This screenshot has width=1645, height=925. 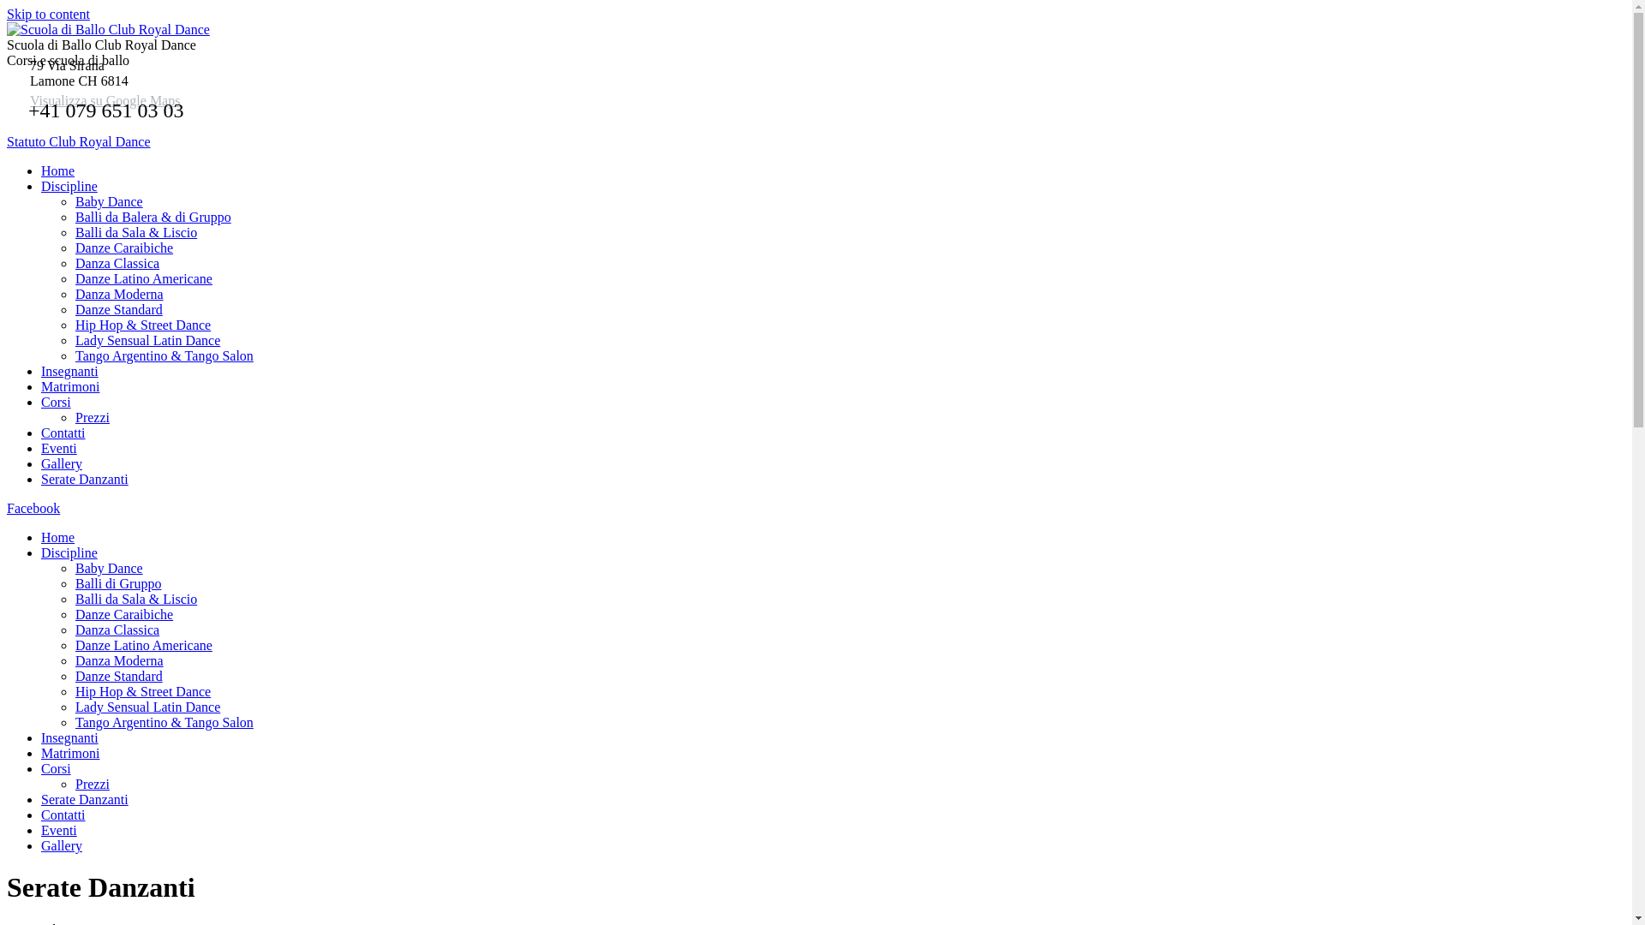 I want to click on 'Danze Caraibiche', so click(x=74, y=613).